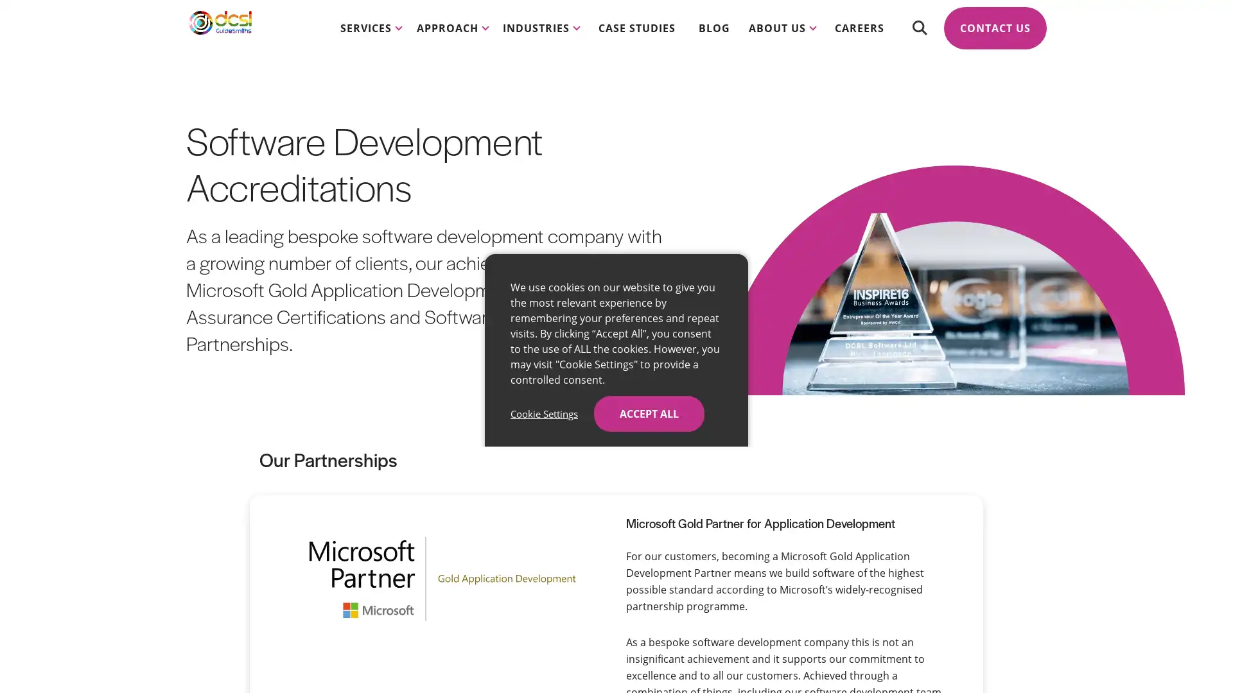 The height and width of the screenshot is (693, 1233). Describe the element at coordinates (918, 38) in the screenshot. I see `Search` at that location.